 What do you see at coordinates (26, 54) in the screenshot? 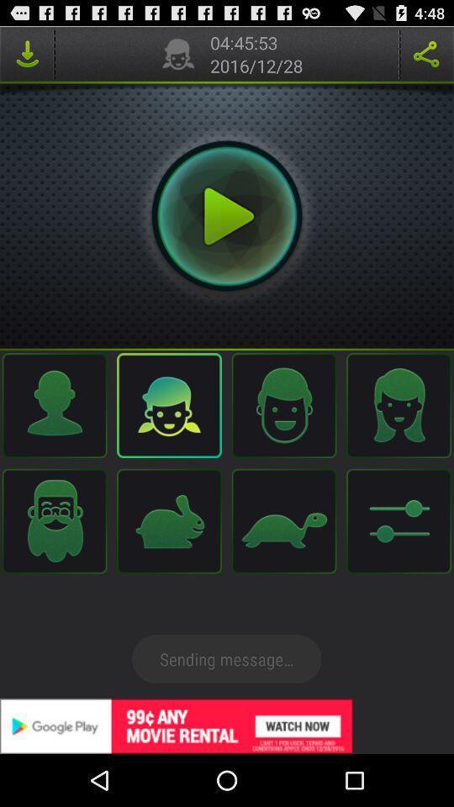
I see `click save icon` at bounding box center [26, 54].